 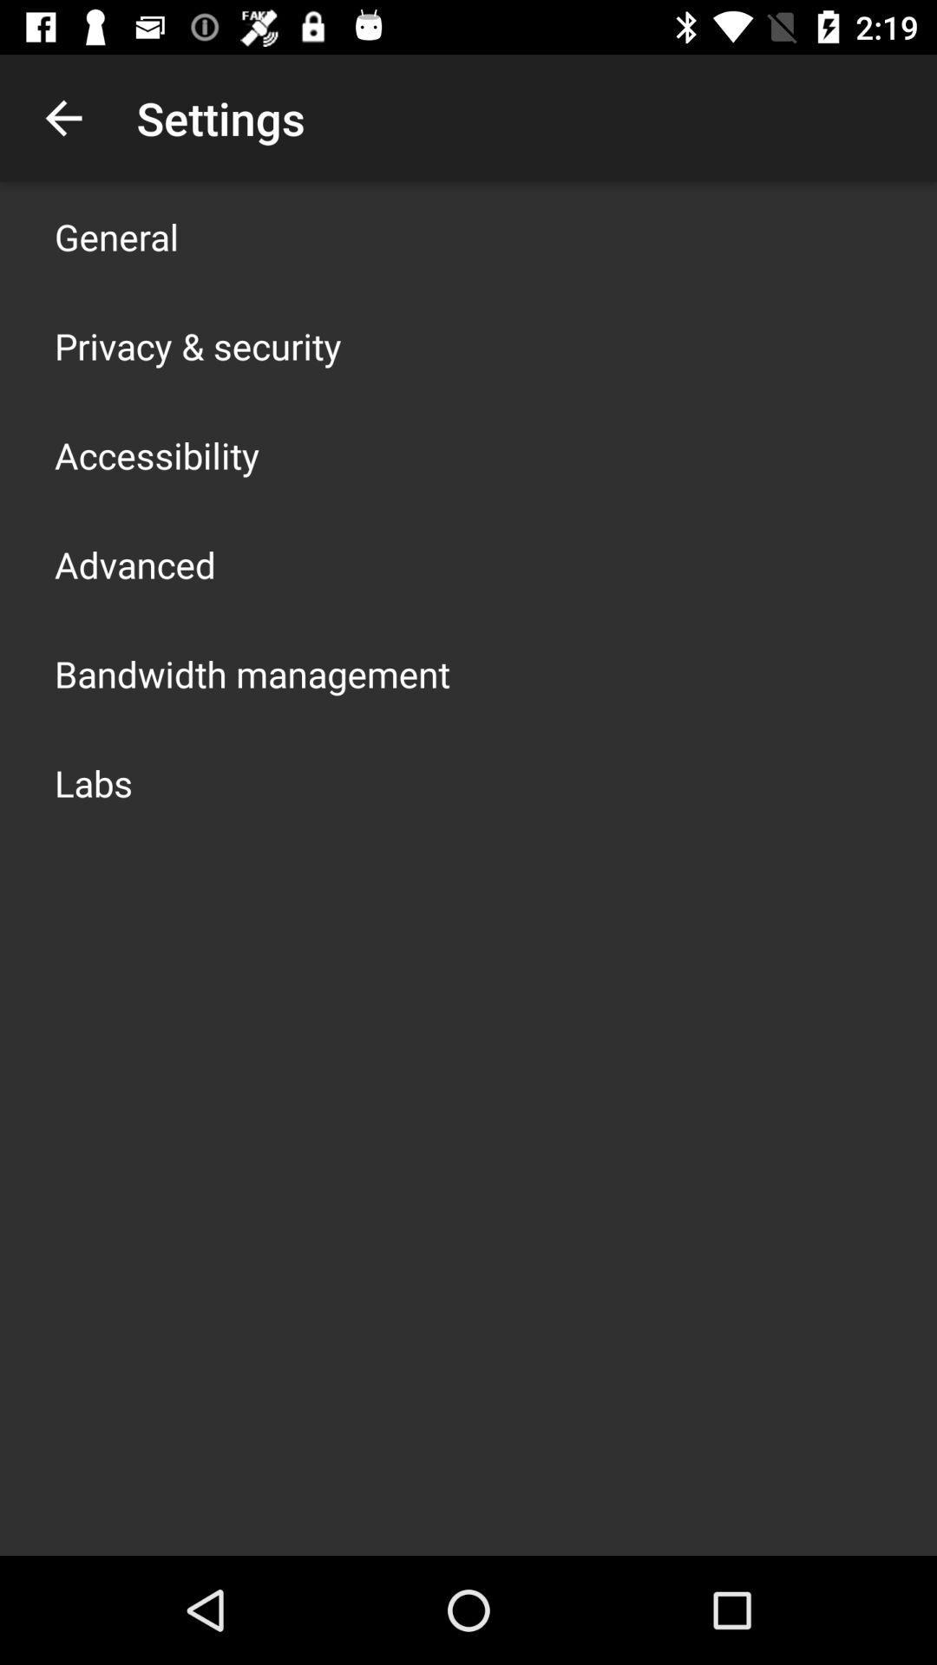 What do you see at coordinates (134, 565) in the screenshot?
I see `the advanced` at bounding box center [134, 565].